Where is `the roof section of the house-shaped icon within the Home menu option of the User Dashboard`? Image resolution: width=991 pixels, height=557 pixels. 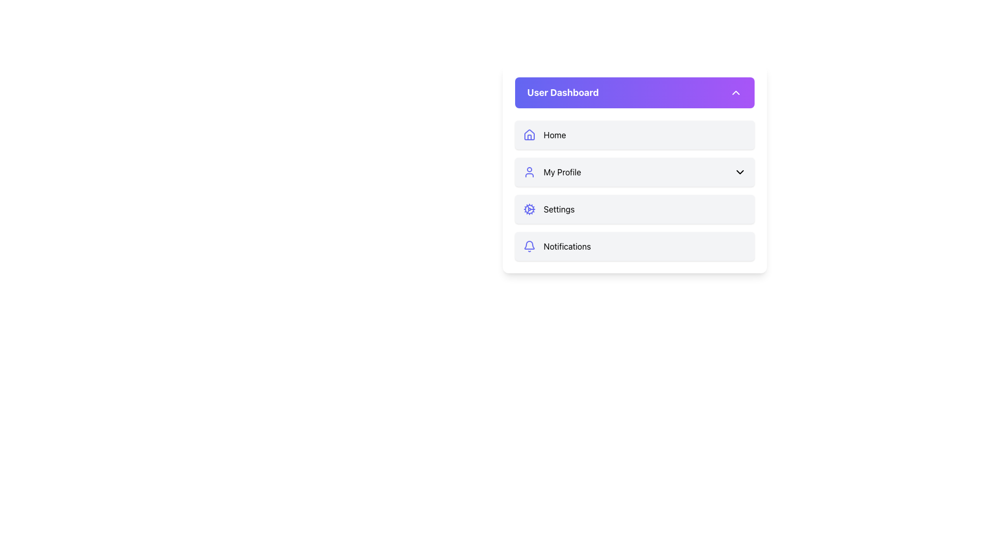 the roof section of the house-shaped icon within the Home menu option of the User Dashboard is located at coordinates (529, 134).